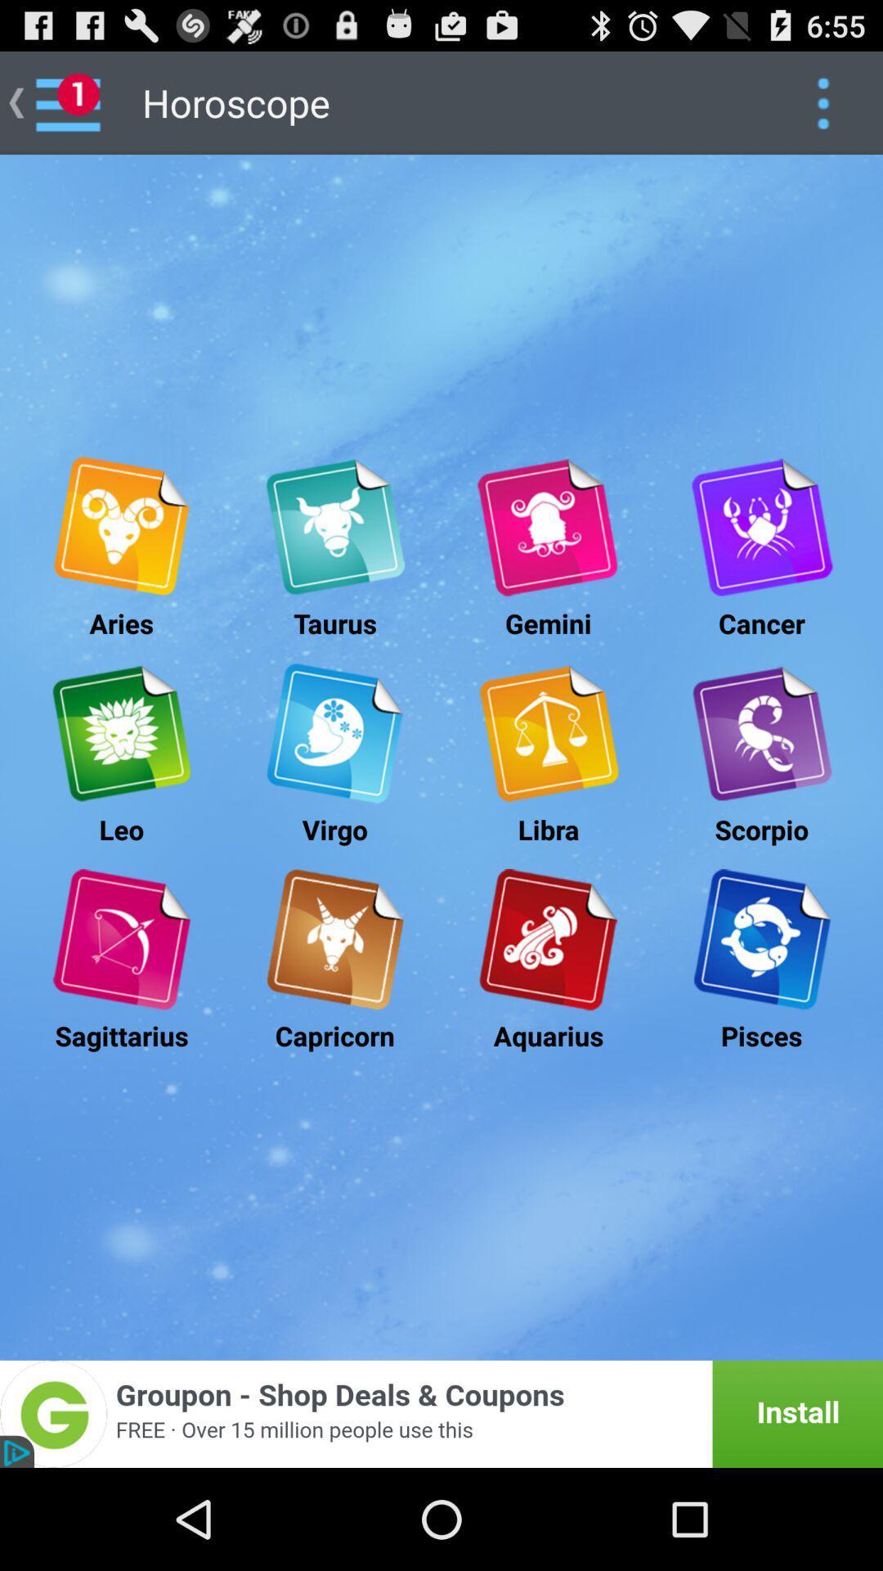 The height and width of the screenshot is (1571, 883). Describe the element at coordinates (822, 101) in the screenshot. I see `google control button` at that location.